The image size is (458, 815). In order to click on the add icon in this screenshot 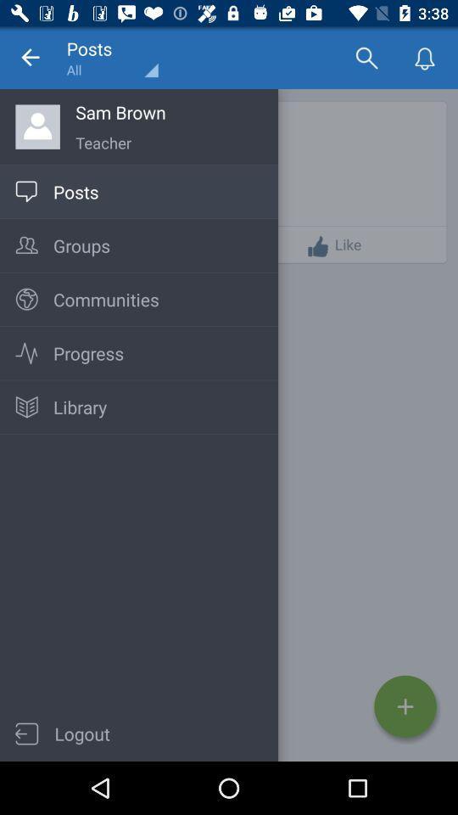, I will do `click(405, 706)`.